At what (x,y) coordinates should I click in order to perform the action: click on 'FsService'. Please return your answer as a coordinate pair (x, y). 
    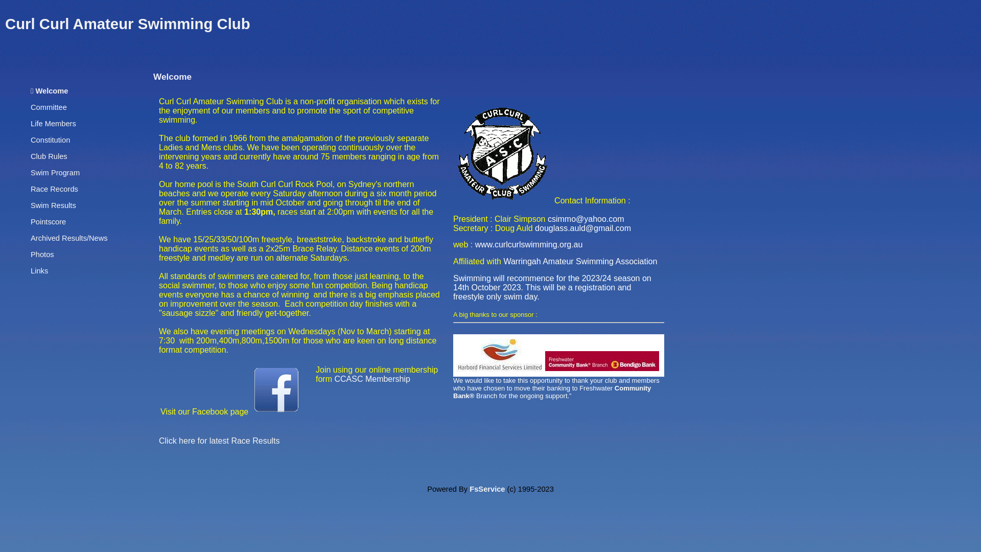
    Looking at the image, I should click on (486, 488).